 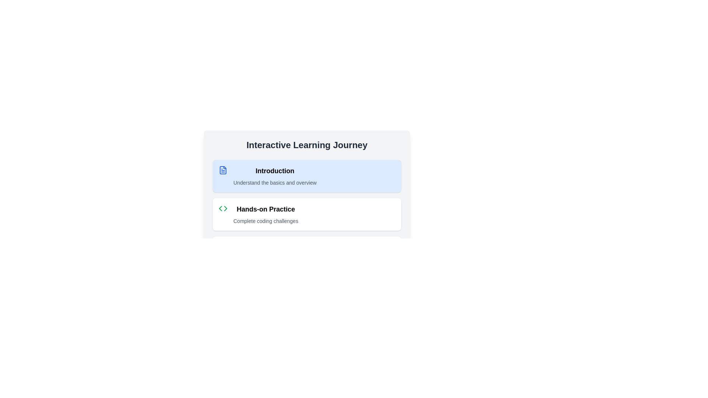 I want to click on the prominently styled header with the text 'Interactive Learning Journey' located at the top of the section, just above the instructional steps, so click(x=307, y=145).